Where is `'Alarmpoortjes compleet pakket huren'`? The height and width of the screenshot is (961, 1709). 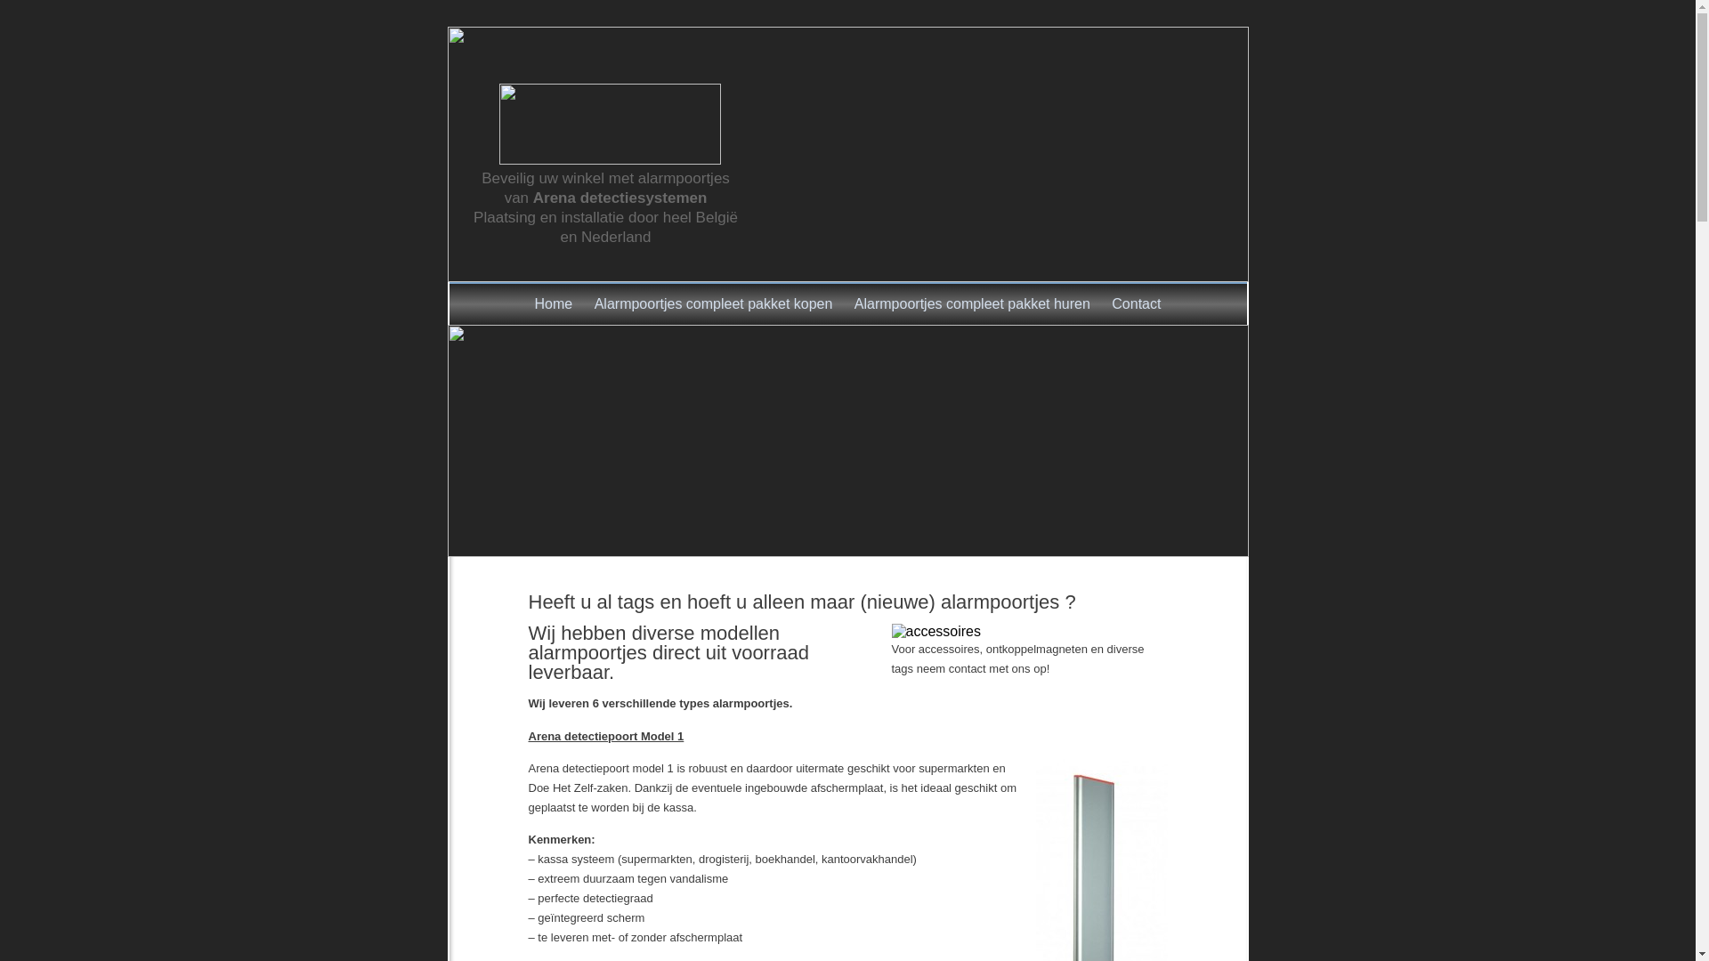
'Alarmpoortjes compleet pakket huren' is located at coordinates (971, 303).